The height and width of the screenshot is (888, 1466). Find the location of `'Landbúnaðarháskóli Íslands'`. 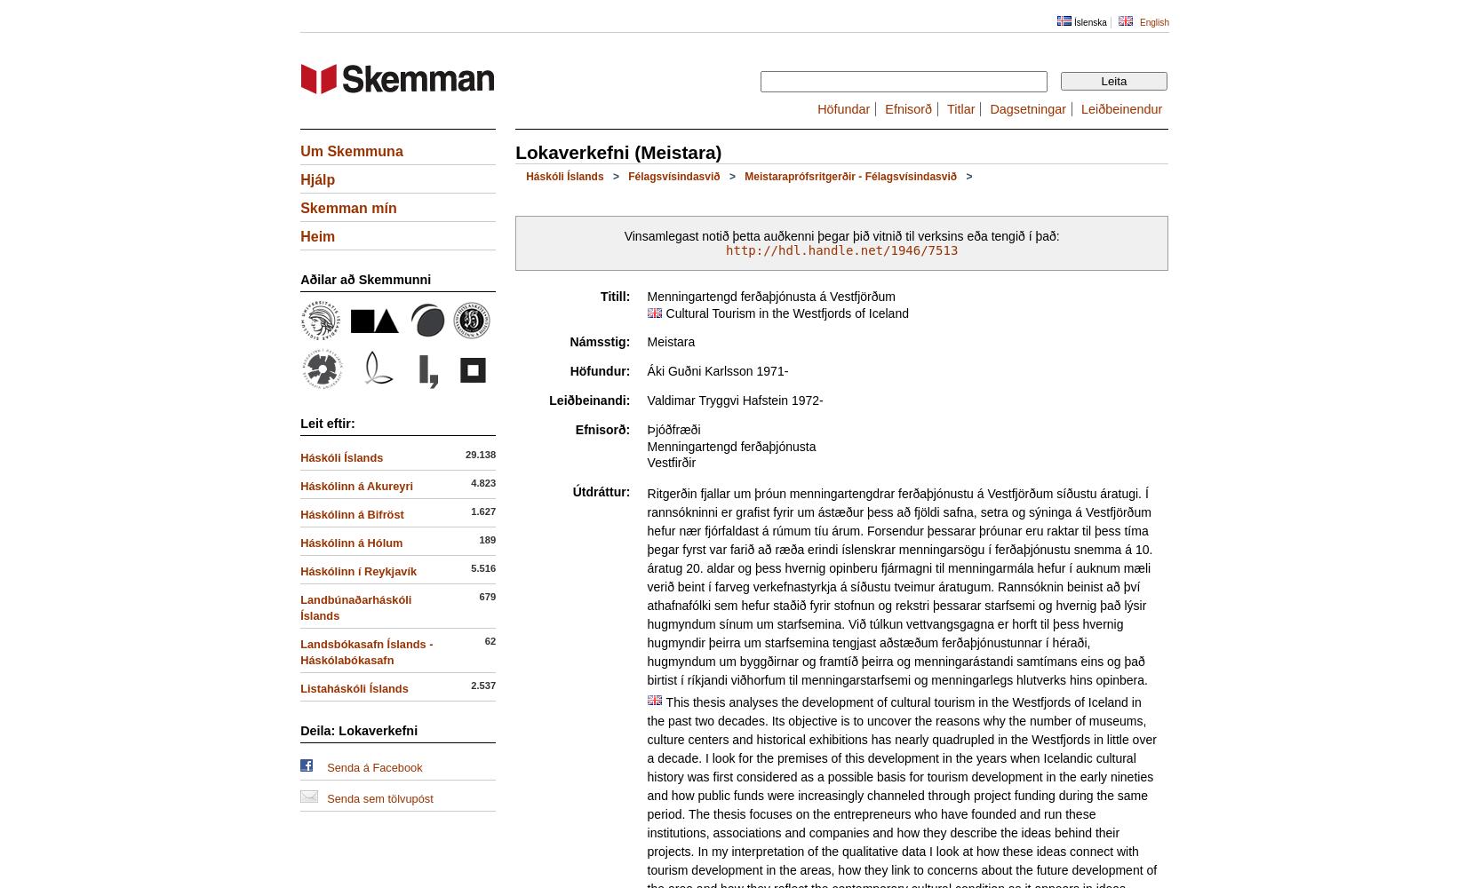

'Landbúnaðarháskóli Íslands' is located at coordinates (355, 607).